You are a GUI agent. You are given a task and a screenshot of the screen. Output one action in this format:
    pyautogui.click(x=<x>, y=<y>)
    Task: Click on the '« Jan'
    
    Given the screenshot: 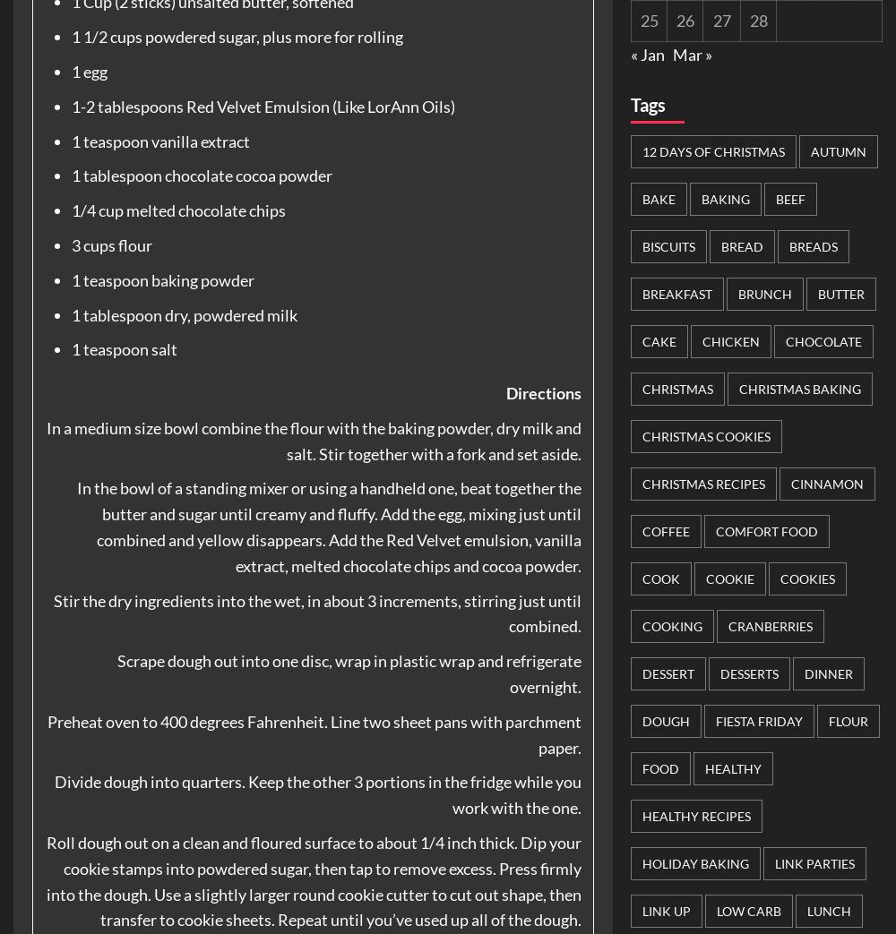 What is the action you would take?
    pyautogui.click(x=647, y=52)
    